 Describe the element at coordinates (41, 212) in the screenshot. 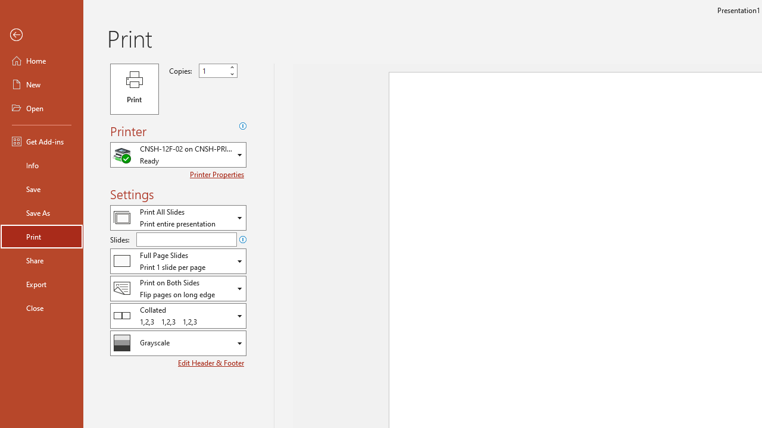

I see `'Save As'` at that location.